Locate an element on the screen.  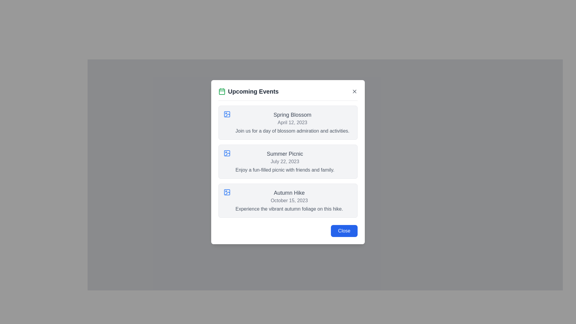
the 'X' icon in the top-right corner of the modal dialog is located at coordinates (354, 91).